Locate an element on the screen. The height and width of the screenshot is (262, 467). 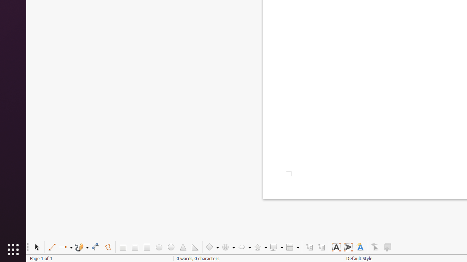
'Curves and Polygons' is located at coordinates (82, 247).